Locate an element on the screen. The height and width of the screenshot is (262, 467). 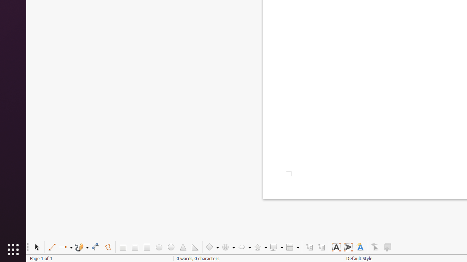
'Curves and Polygons' is located at coordinates (82, 247).